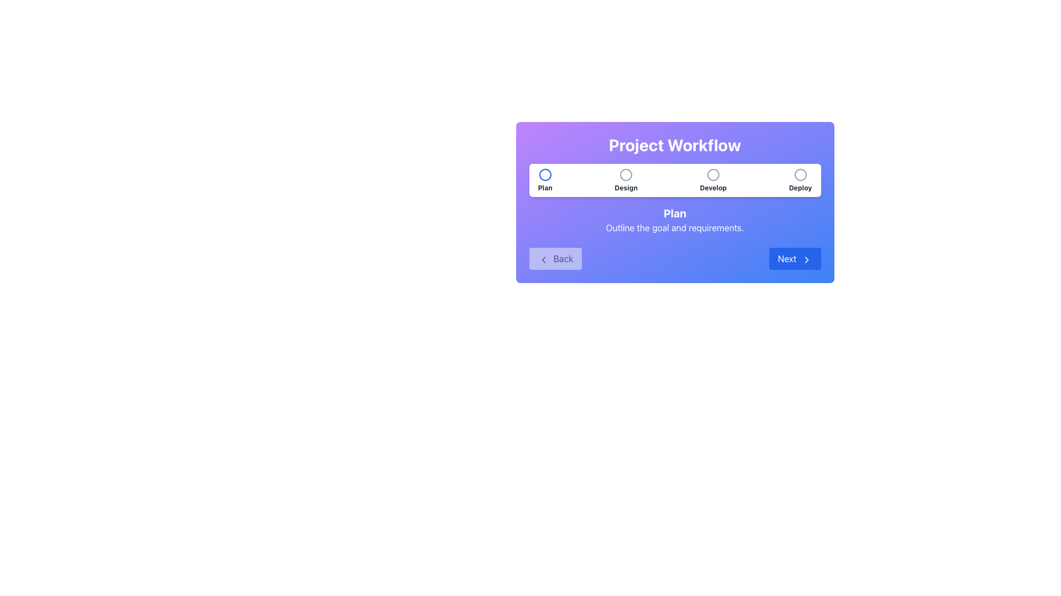  What do you see at coordinates (674, 227) in the screenshot?
I see `information displayed on the text label that shows 'Outline the goal and requirements.' positioned below the 'Plan' text` at bounding box center [674, 227].